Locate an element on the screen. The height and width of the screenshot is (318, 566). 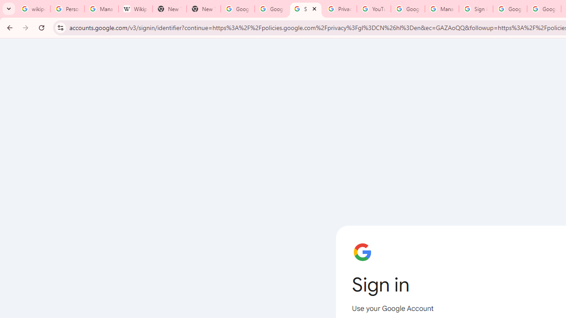
'Wikipedia:Edit requests - Wikipedia' is located at coordinates (135, 9).